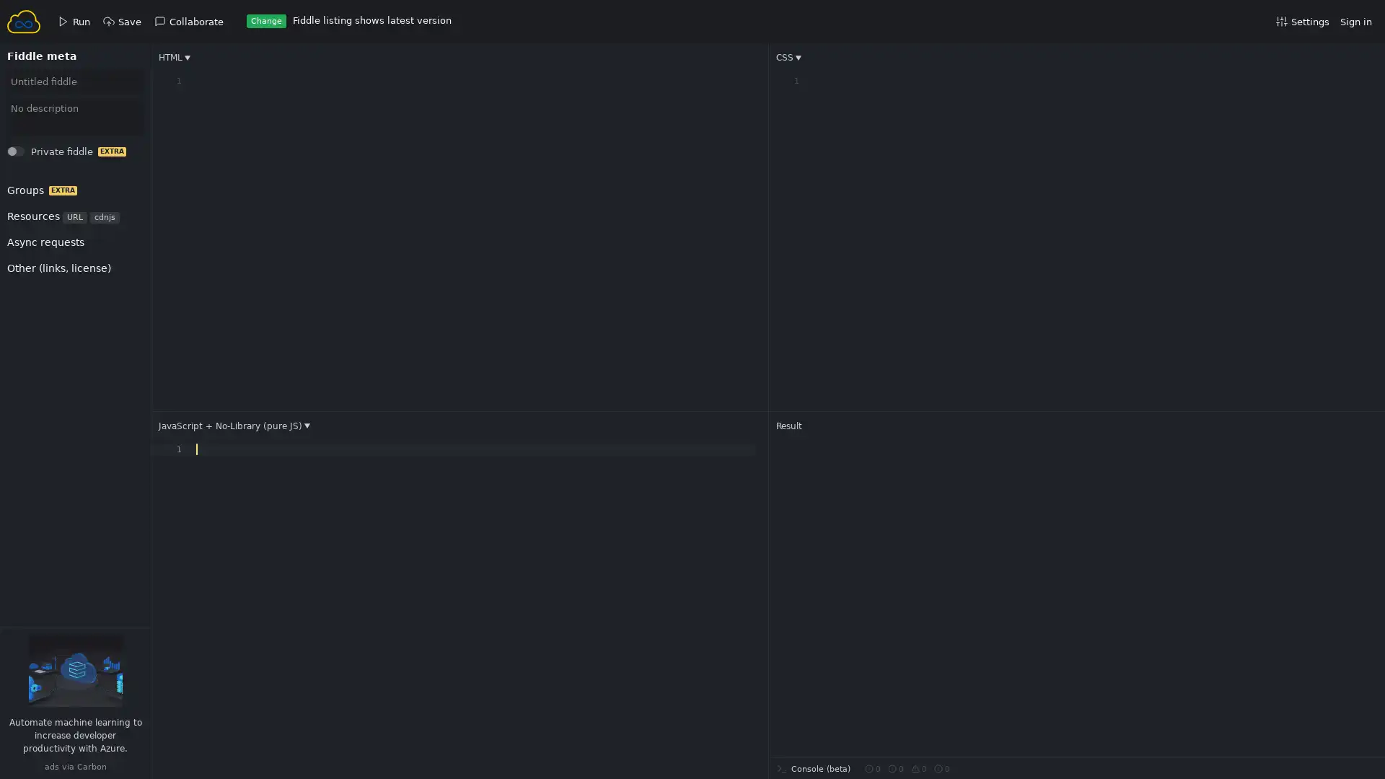 This screenshot has height=779, width=1385. I want to click on Save, so click(30, 155).